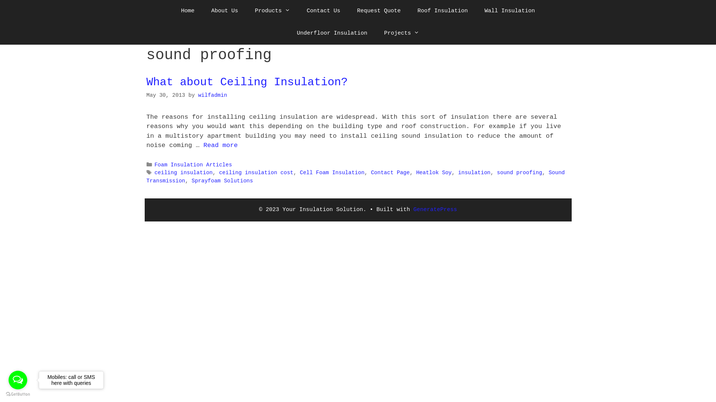 This screenshot has height=402, width=716. What do you see at coordinates (332, 33) in the screenshot?
I see `'Underfloor Insulation'` at bounding box center [332, 33].